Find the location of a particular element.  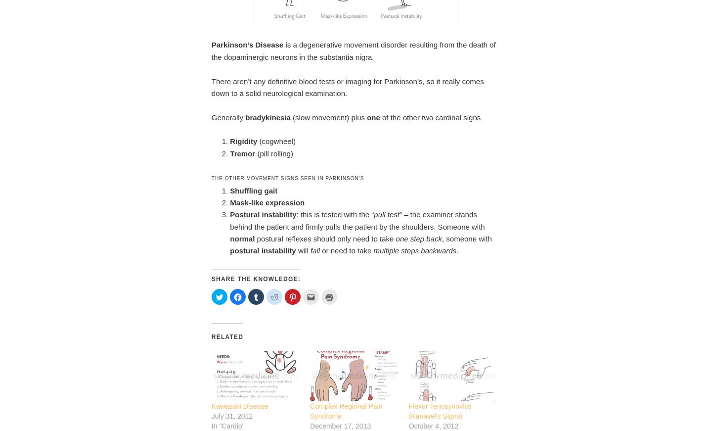

'postural instability' is located at coordinates (262, 250).